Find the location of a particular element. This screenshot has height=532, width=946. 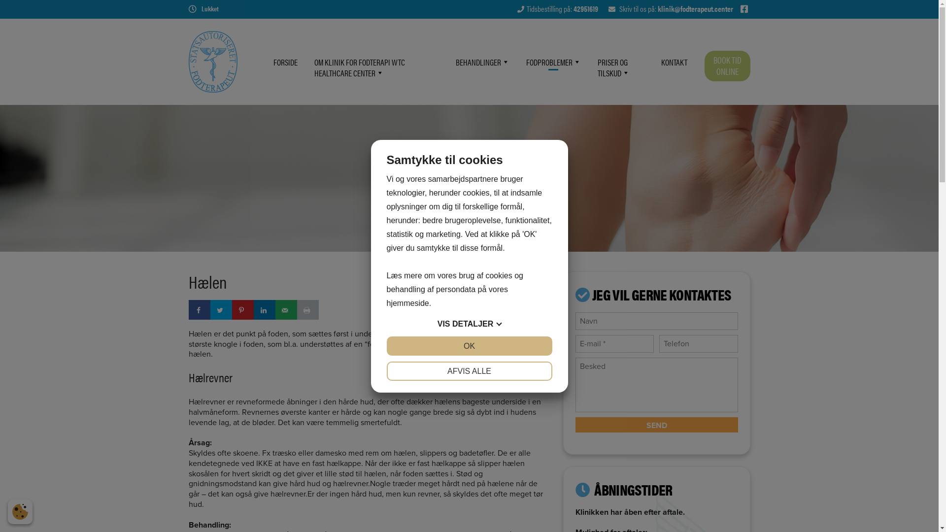

'OK' is located at coordinates (468, 345).